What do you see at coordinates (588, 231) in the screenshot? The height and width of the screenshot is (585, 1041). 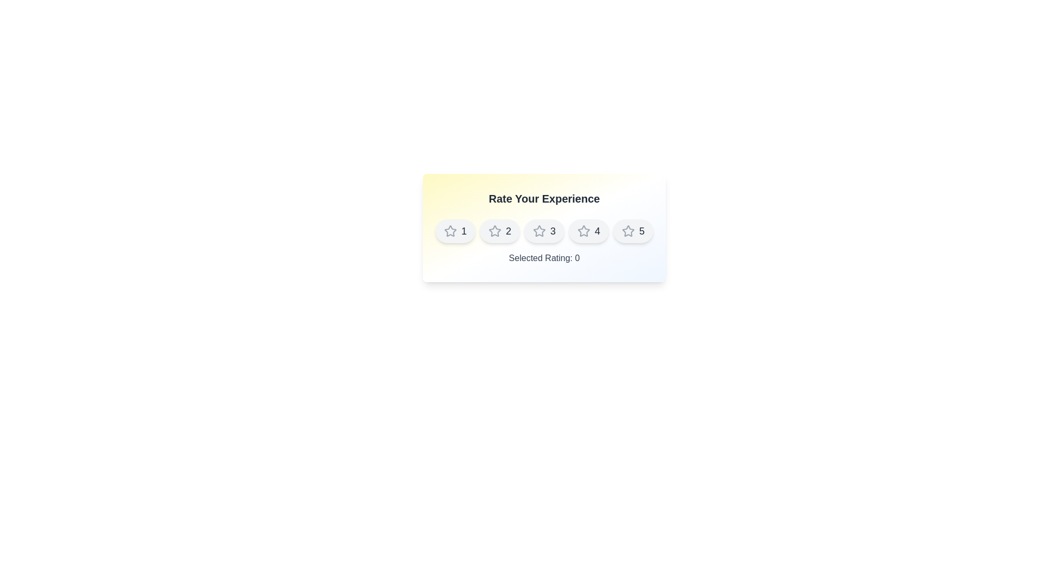 I see `the star corresponding to 4` at bounding box center [588, 231].